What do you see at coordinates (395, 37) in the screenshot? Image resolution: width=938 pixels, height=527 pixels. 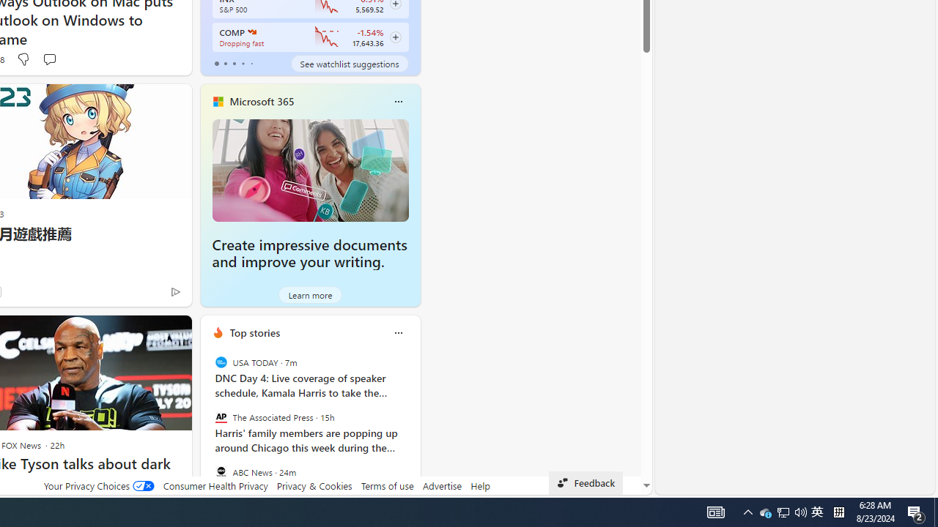 I see `'Class: follow-button  m'` at bounding box center [395, 37].